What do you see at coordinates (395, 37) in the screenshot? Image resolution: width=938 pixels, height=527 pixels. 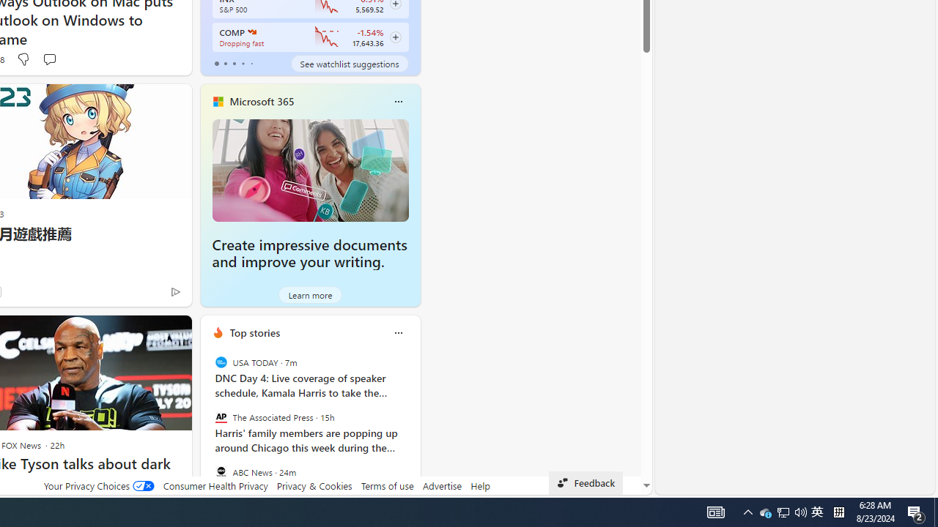 I see `'Class: follow-button  m'` at bounding box center [395, 37].